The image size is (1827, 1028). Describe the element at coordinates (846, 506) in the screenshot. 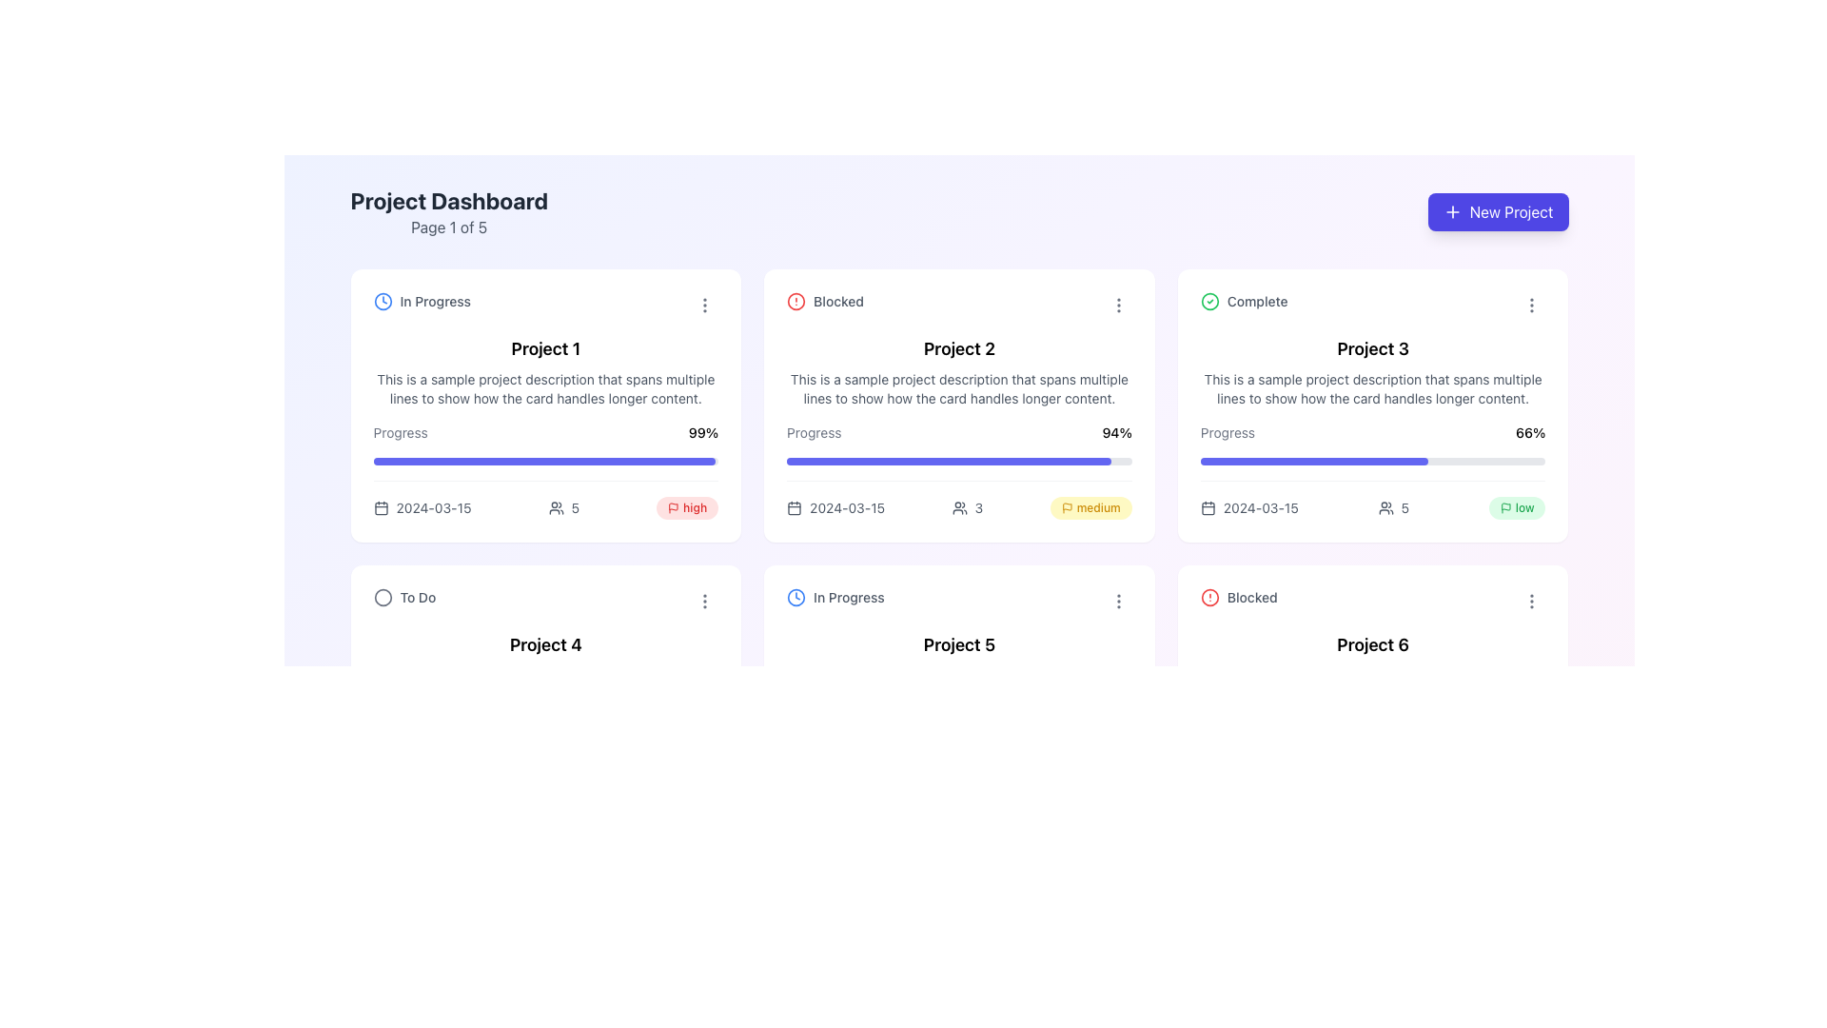

I see `date displayed on the text label for 'Project 2', which is located beneath the progress bar in the project card` at that location.